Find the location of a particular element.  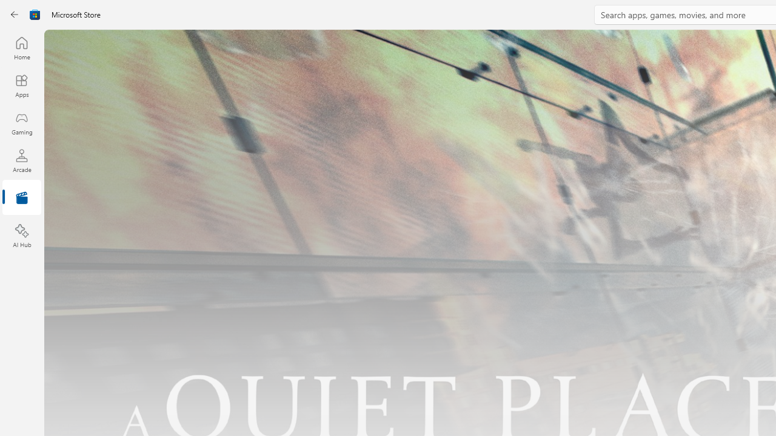

'AI Hub' is located at coordinates (21, 236).